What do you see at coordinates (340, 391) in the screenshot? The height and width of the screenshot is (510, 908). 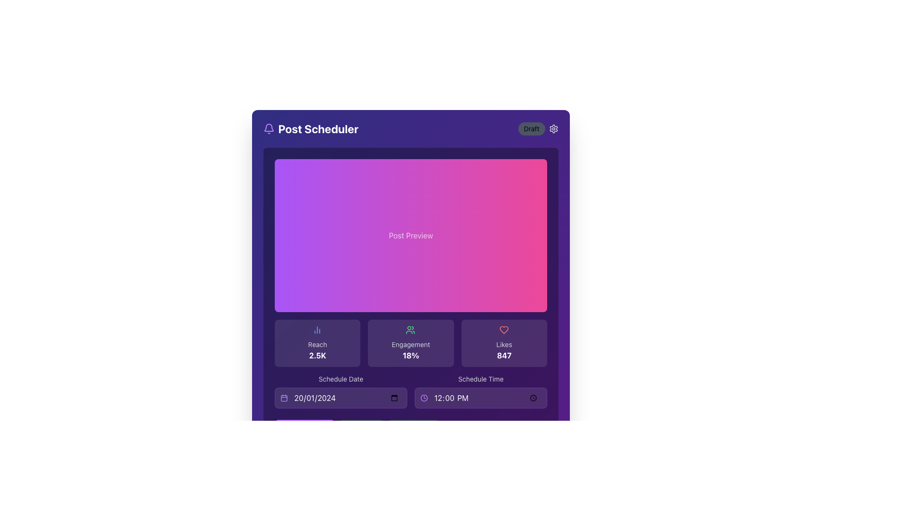 I see `the calendar icon next to the 'Schedule Date' input box` at bounding box center [340, 391].